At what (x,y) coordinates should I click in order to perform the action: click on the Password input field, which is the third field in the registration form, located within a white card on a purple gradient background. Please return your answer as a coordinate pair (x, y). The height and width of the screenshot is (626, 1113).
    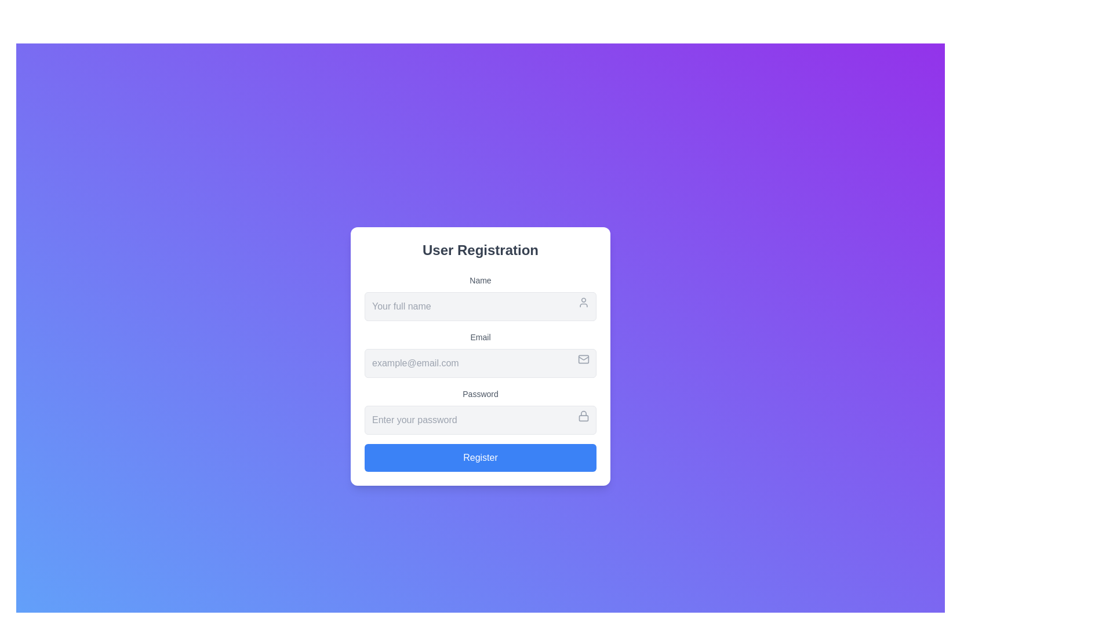
    Looking at the image, I should click on (481, 410).